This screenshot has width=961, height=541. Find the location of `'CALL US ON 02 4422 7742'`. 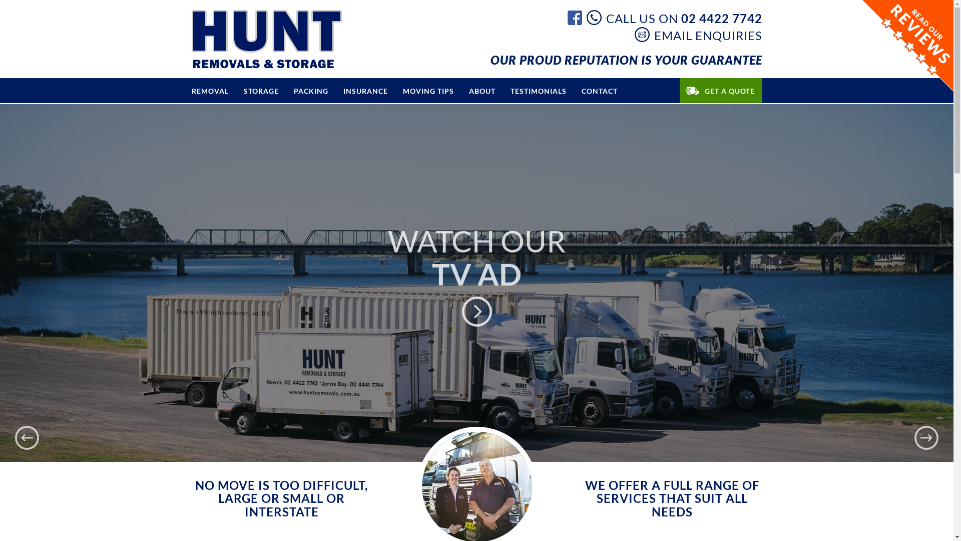

'CALL US ON 02 4422 7742' is located at coordinates (674, 17).